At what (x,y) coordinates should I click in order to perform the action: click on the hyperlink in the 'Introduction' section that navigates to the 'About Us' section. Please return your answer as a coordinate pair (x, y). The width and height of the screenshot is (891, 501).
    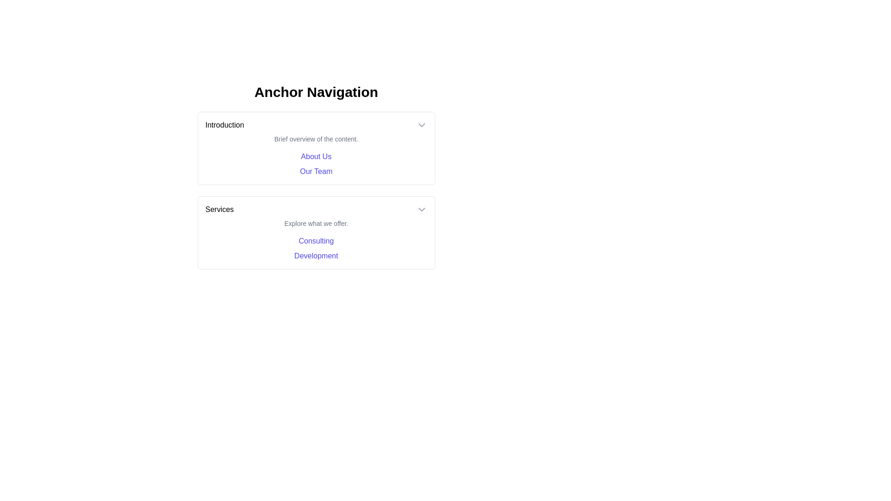
    Looking at the image, I should click on (316, 156).